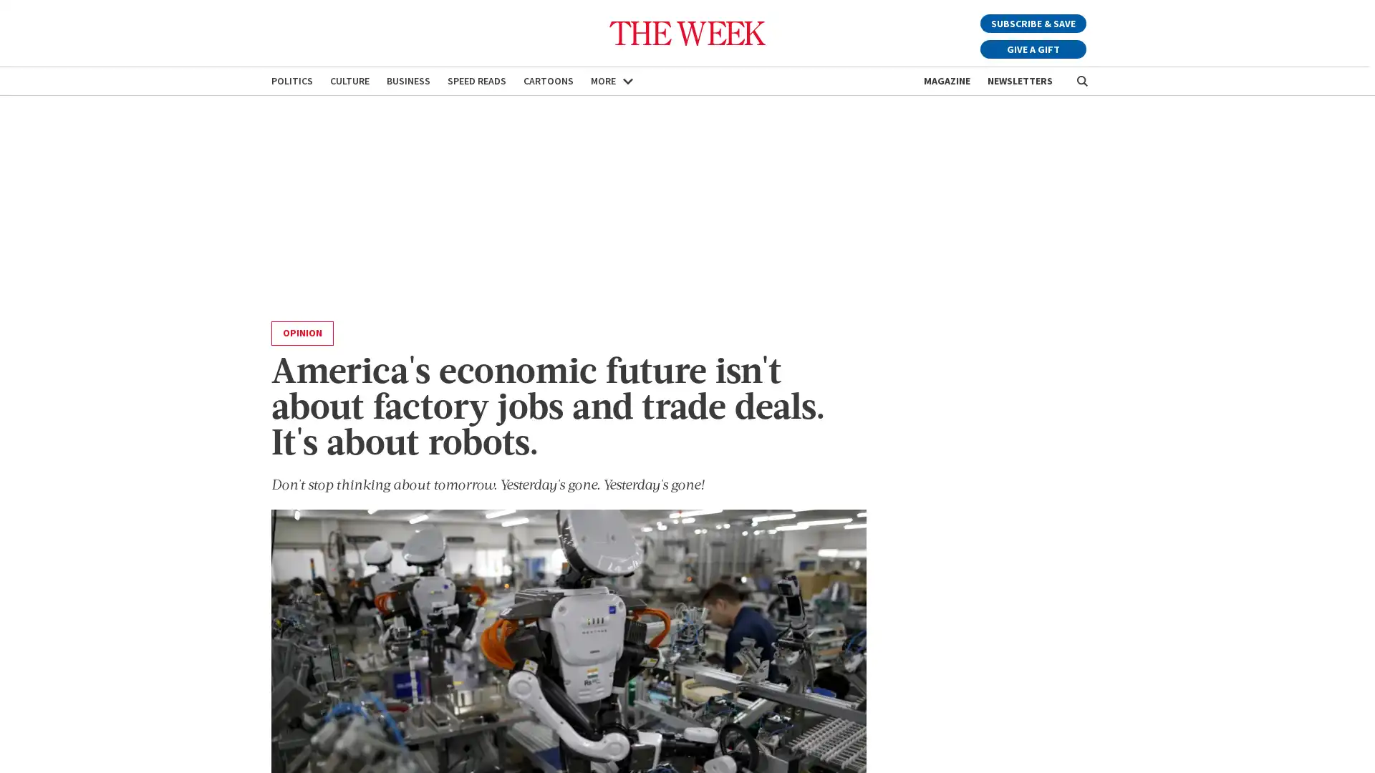  Describe the element at coordinates (1082, 81) in the screenshot. I see `Search` at that location.